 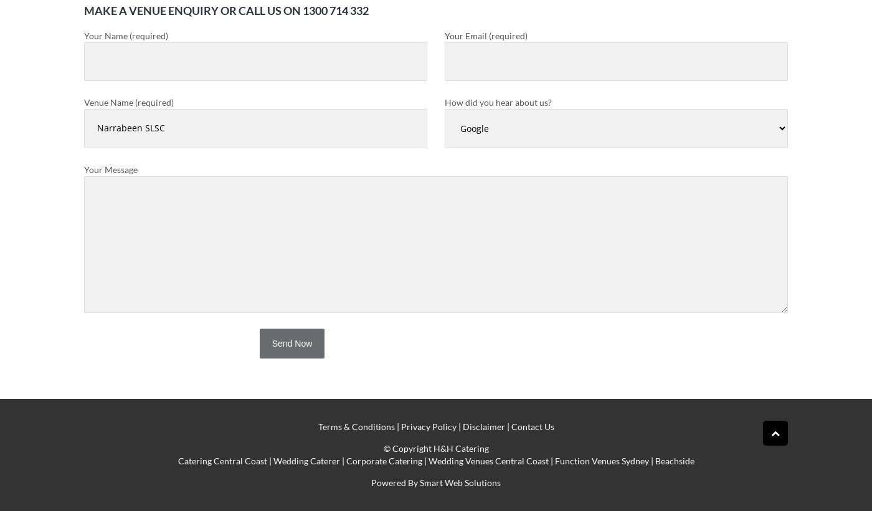 What do you see at coordinates (129, 102) in the screenshot?
I see `'Venue Name (required)'` at bounding box center [129, 102].